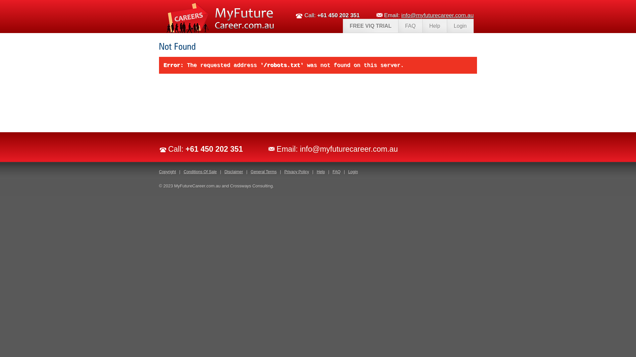  Describe the element at coordinates (434, 25) in the screenshot. I see `'Help'` at that location.